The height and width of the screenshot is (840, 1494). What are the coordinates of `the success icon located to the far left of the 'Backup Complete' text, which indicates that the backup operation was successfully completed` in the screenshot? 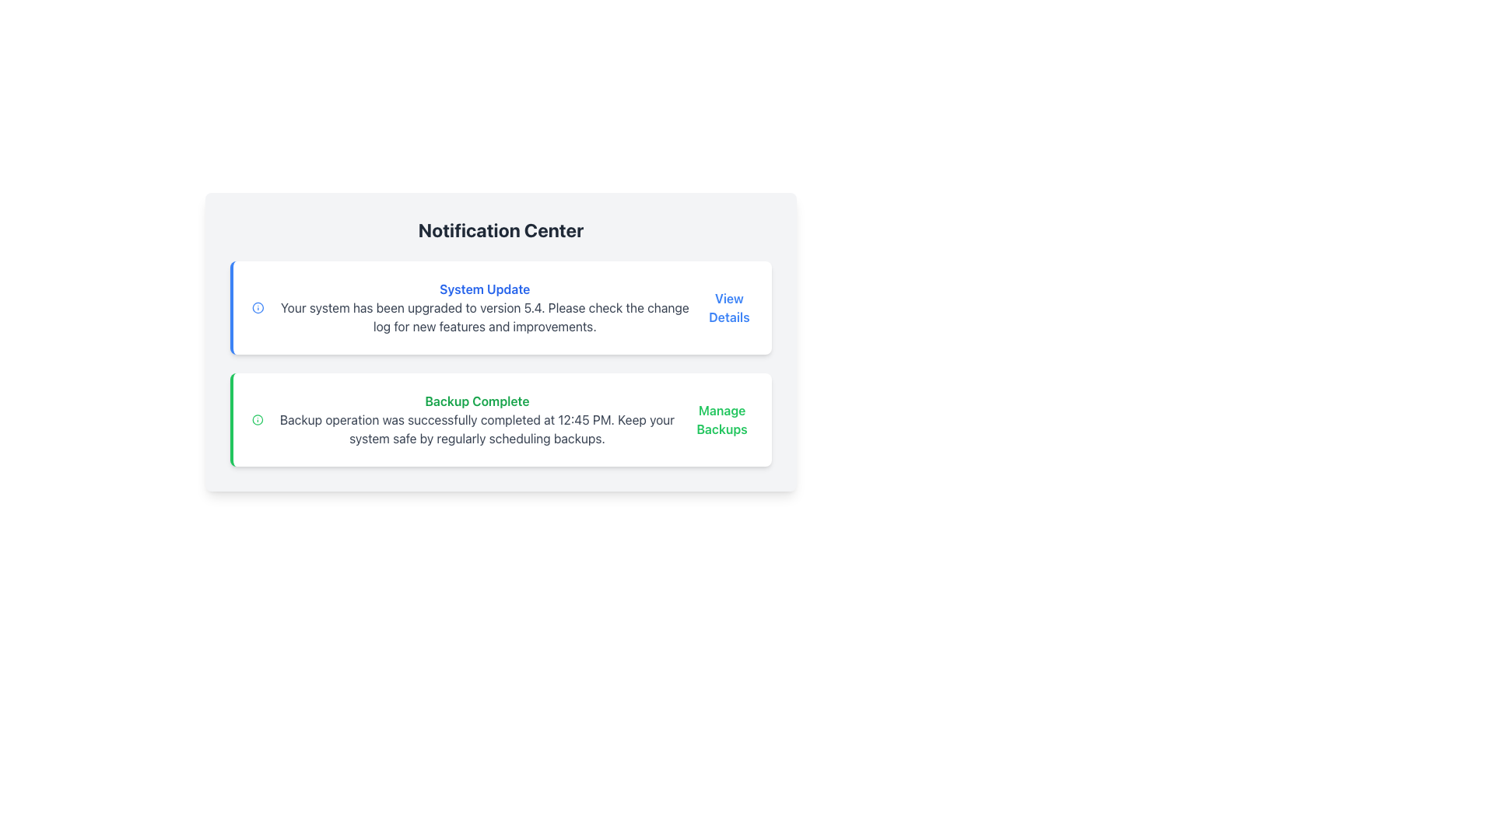 It's located at (258, 420).